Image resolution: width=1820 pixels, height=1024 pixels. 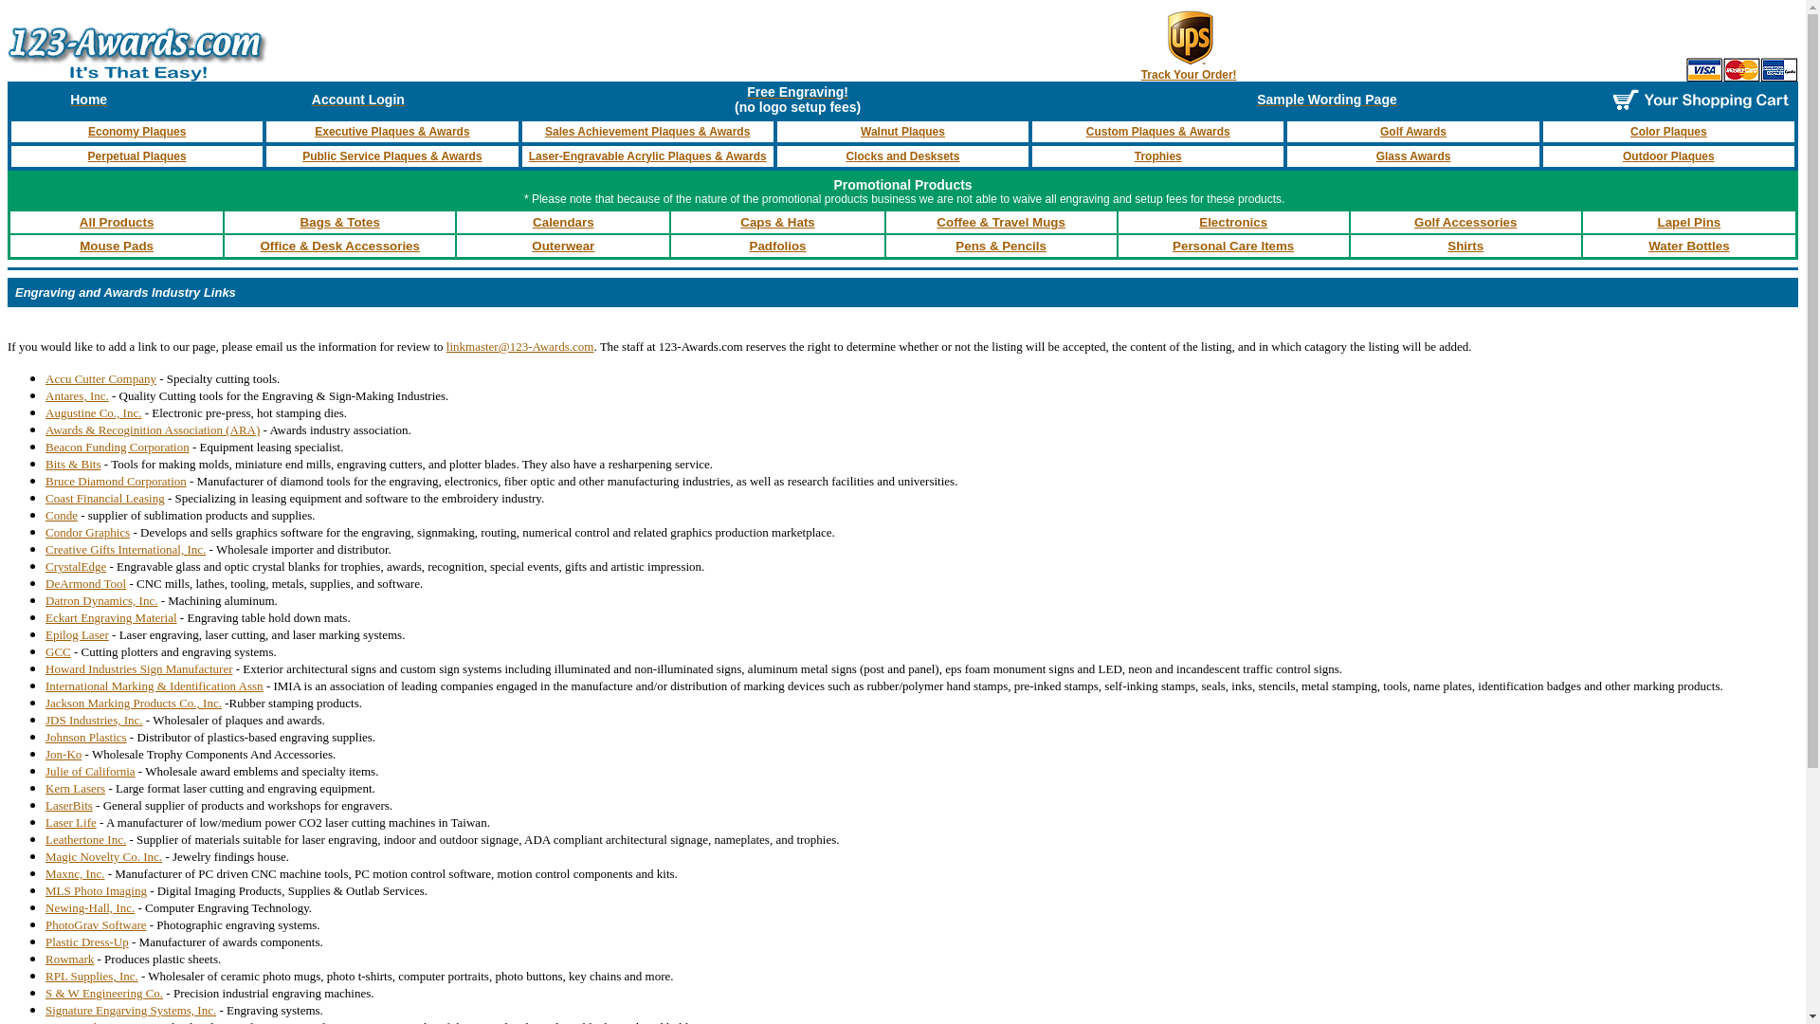 What do you see at coordinates (1326, 99) in the screenshot?
I see `'Sample Wording Page'` at bounding box center [1326, 99].